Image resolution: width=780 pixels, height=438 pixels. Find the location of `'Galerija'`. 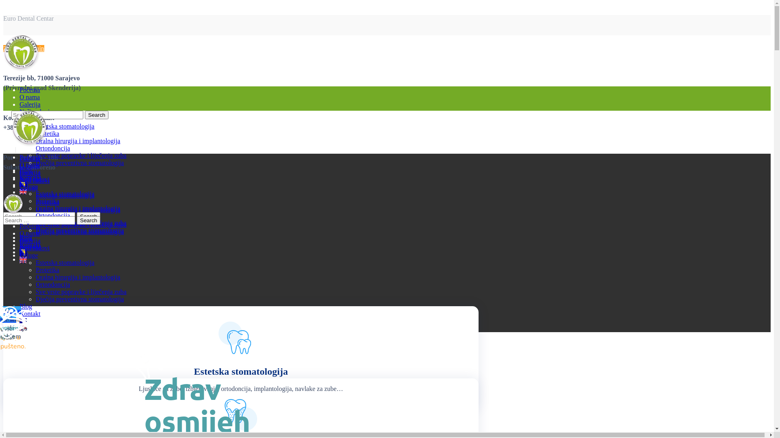

'Galerija' is located at coordinates (30, 240).